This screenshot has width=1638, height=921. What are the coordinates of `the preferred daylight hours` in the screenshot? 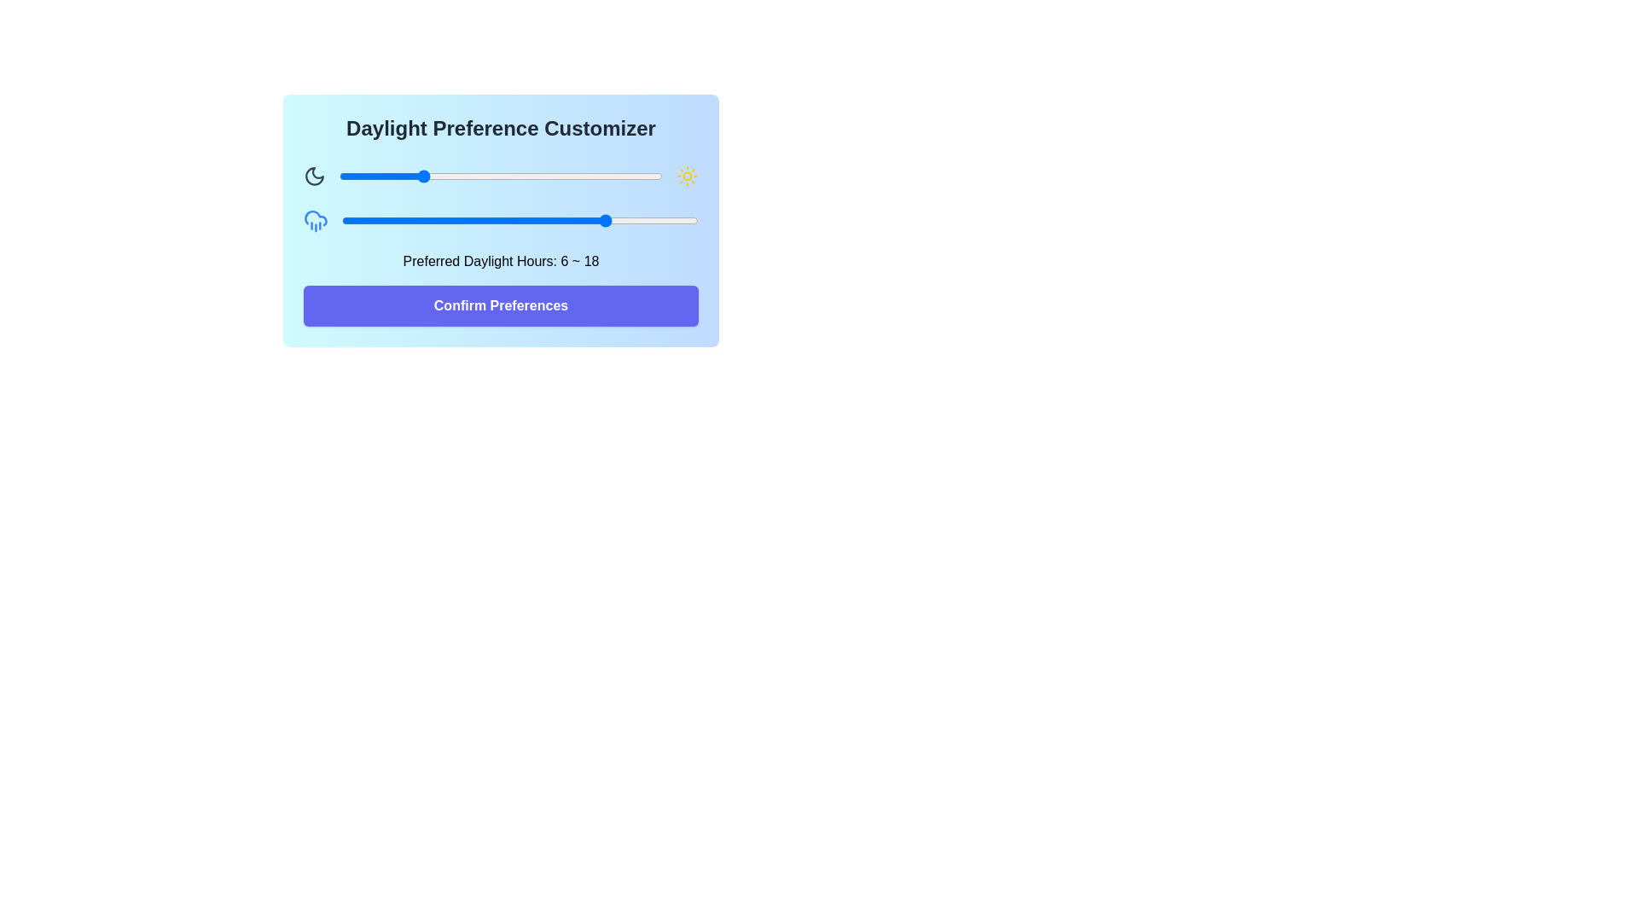 It's located at (386, 219).